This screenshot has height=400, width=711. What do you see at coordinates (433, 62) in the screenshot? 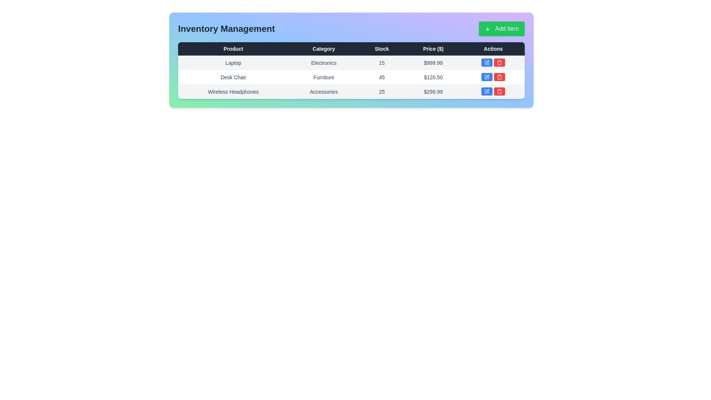
I see `price displayed in the Text Display Element showing '$999.99' in the 'Price ($)' column for the product 'Laptop'` at bounding box center [433, 62].